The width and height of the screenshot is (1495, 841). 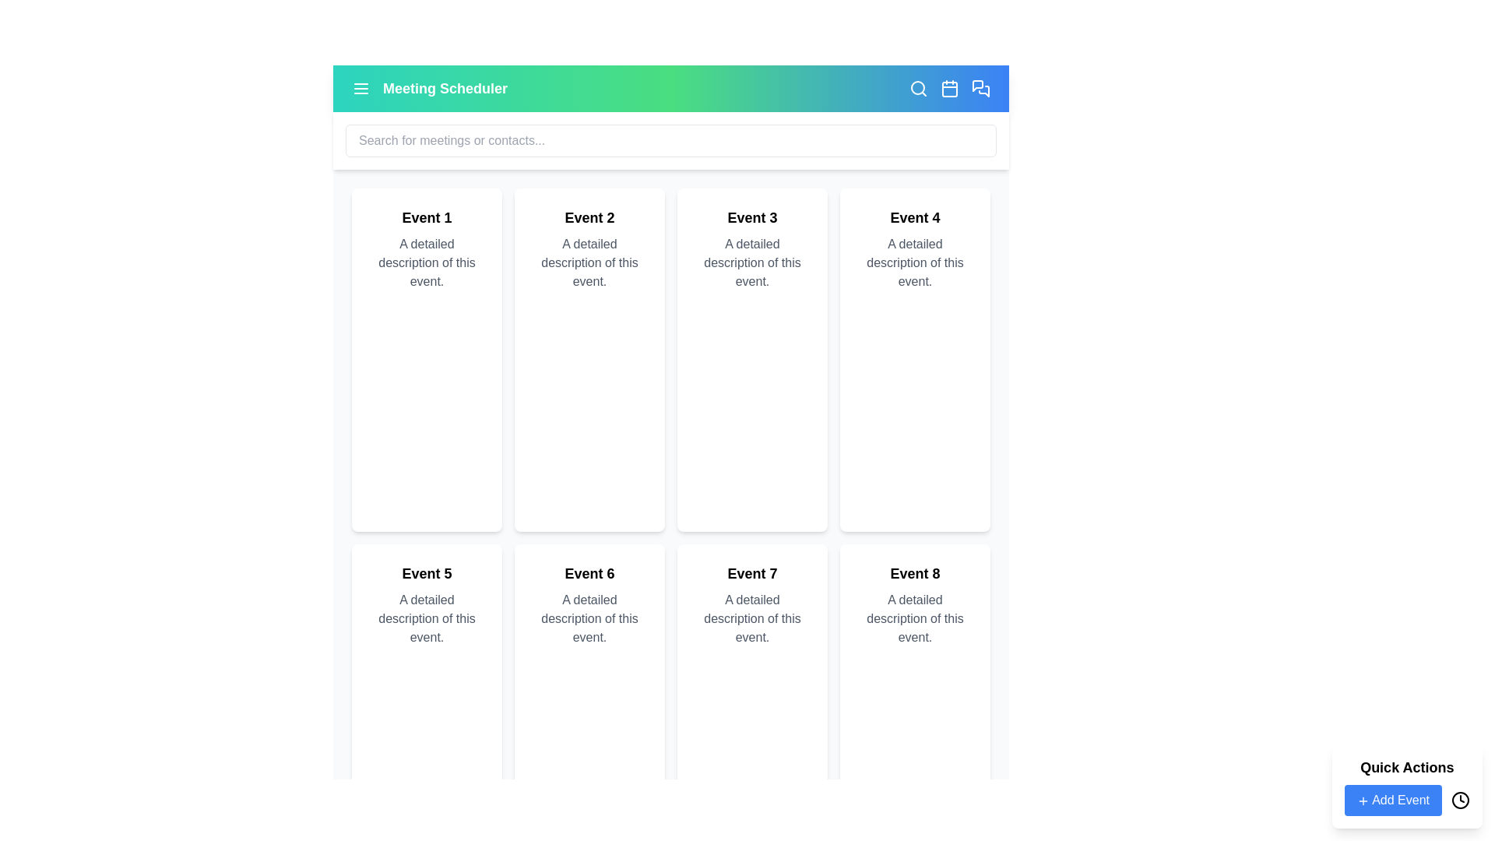 What do you see at coordinates (752, 618) in the screenshot?
I see `gray text label that says 'A detailed description of this event.' located within the card titled 'Event 7' in the rightmost column of the second row` at bounding box center [752, 618].